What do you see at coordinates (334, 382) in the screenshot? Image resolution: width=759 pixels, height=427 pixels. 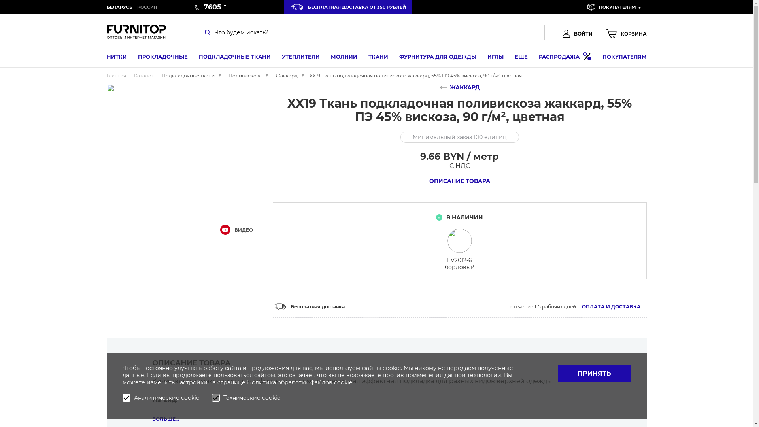 I see `'cookie'` at bounding box center [334, 382].